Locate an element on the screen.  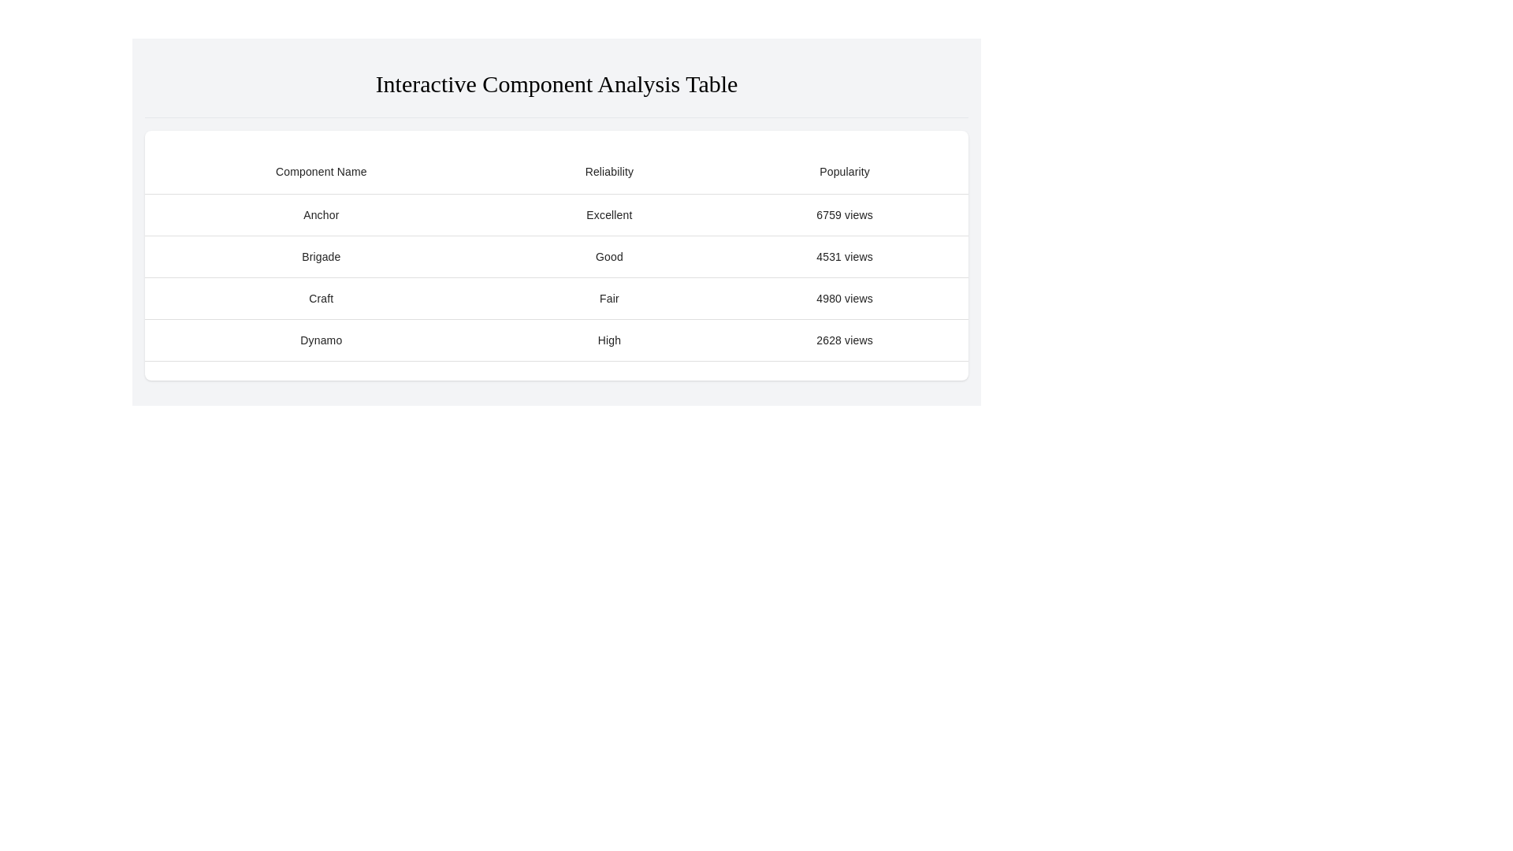
the table cell that displays the text 'Brigade' is located at coordinates (320, 256).